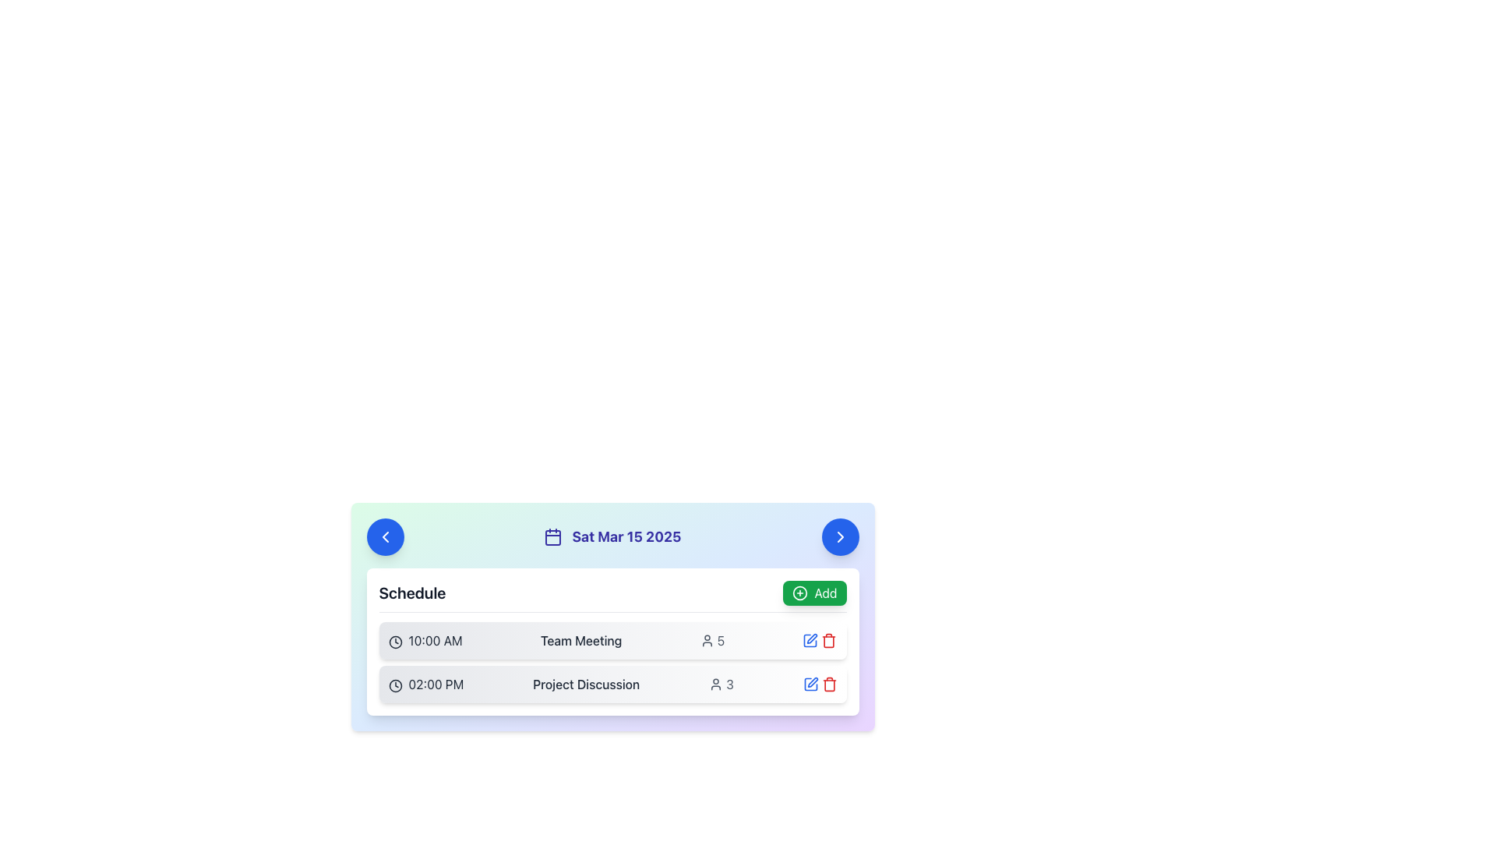  What do you see at coordinates (412, 593) in the screenshot?
I see `the 'Schedule' text label, which is prominently positioned at the top-left side of the section, serving as a header` at bounding box center [412, 593].